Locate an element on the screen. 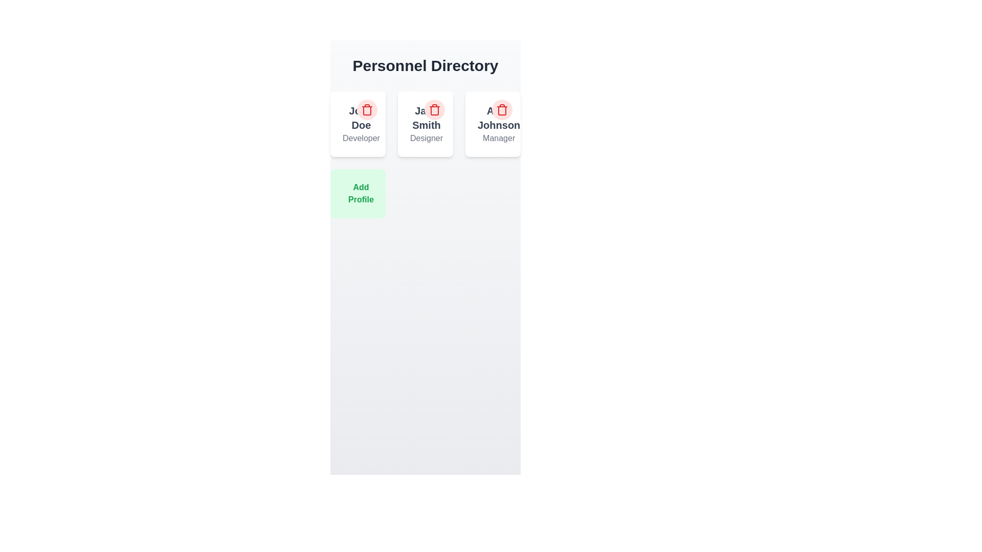 The image size is (982, 552). the personnel profile cards within the grid layout under the heading 'Personnel Directory' by clicking on one of the cards is located at coordinates (425, 155).